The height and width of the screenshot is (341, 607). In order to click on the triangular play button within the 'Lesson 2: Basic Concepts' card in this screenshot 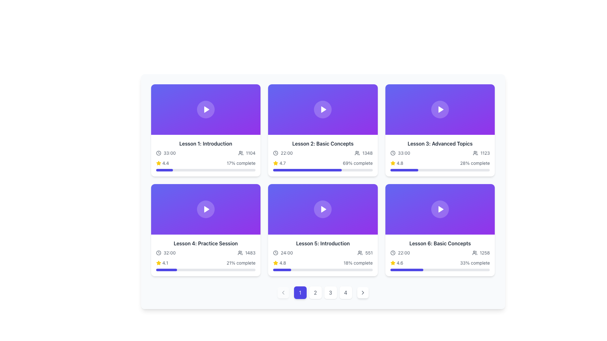, I will do `click(324, 109)`.